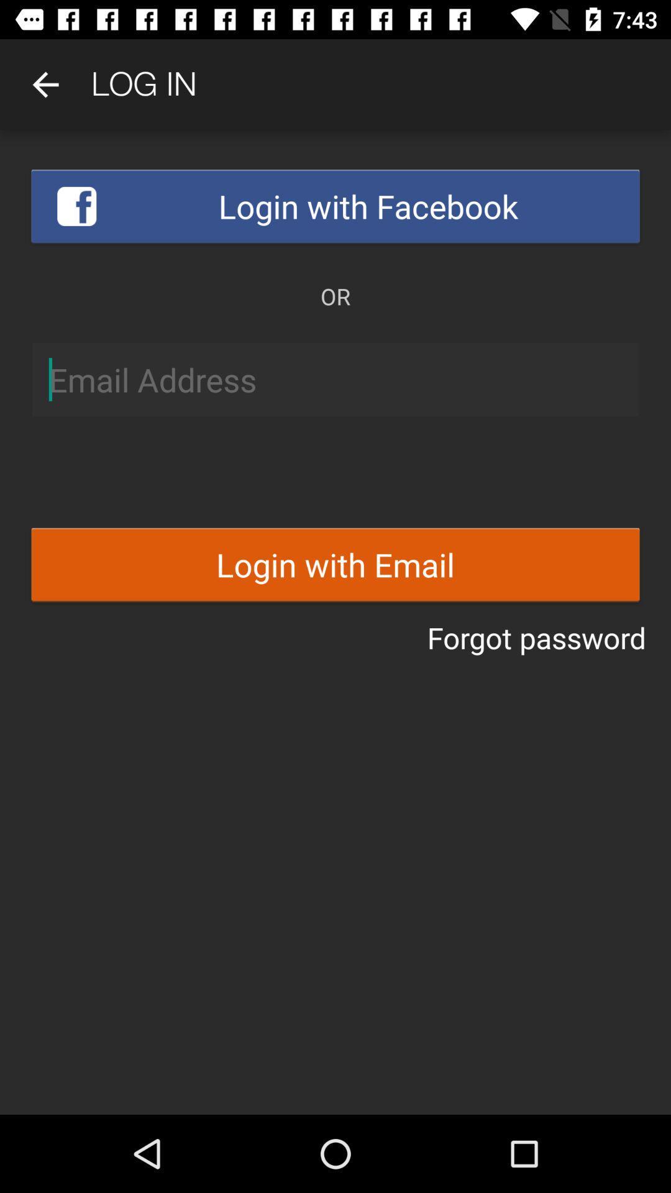  What do you see at coordinates (335, 379) in the screenshot?
I see `write email address` at bounding box center [335, 379].